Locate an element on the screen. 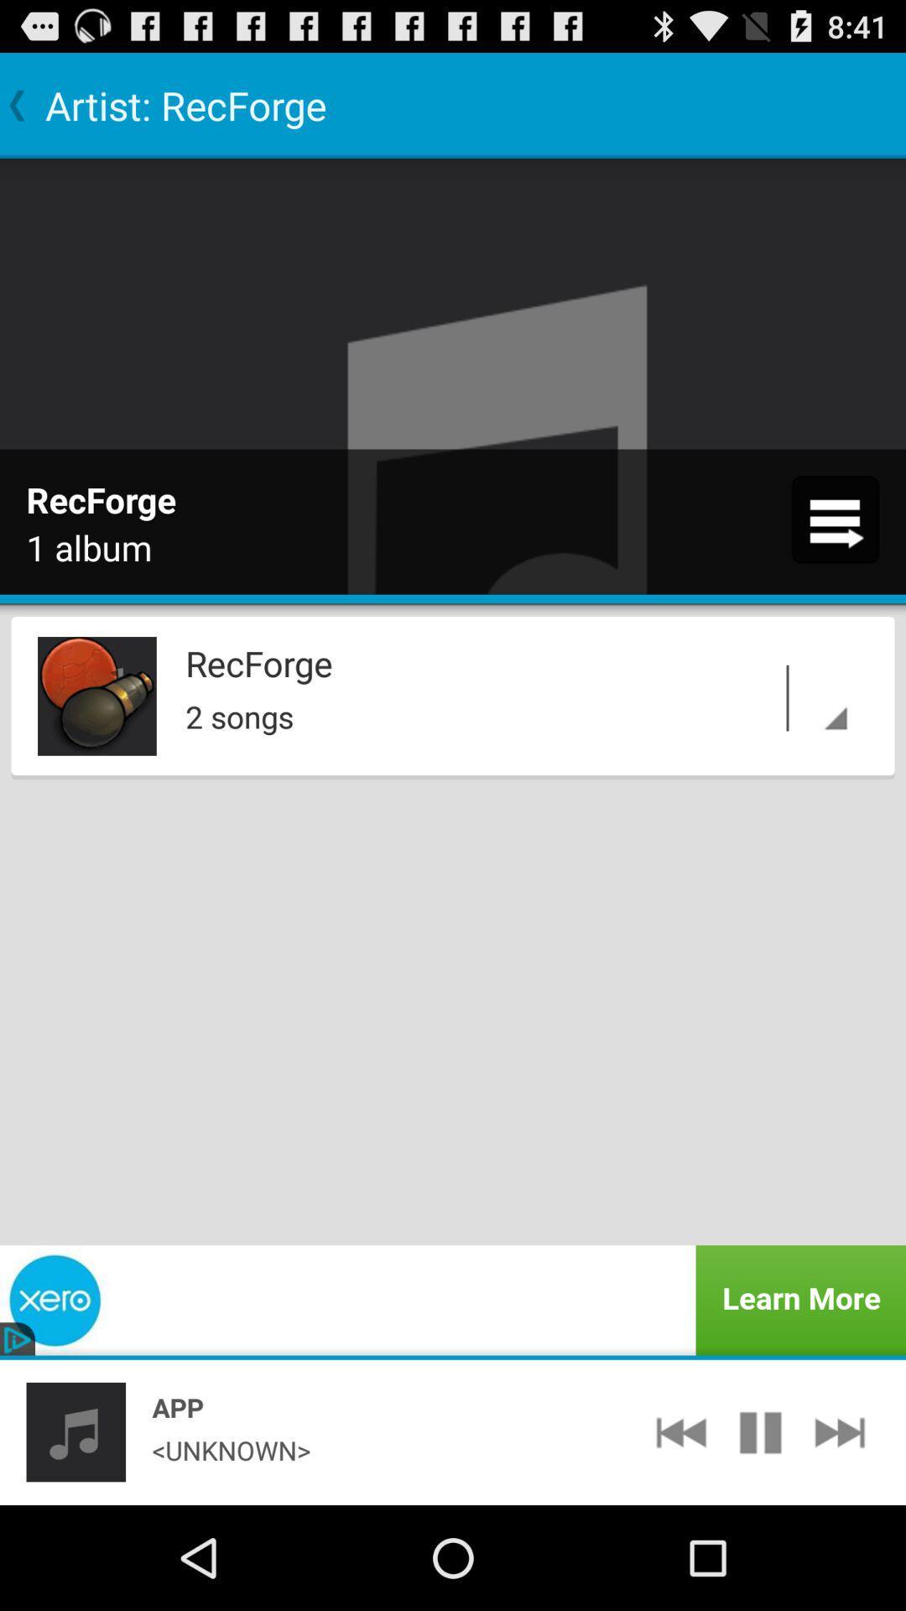 The width and height of the screenshot is (906, 1611). app to the right of <unknown> app is located at coordinates (681, 1431).